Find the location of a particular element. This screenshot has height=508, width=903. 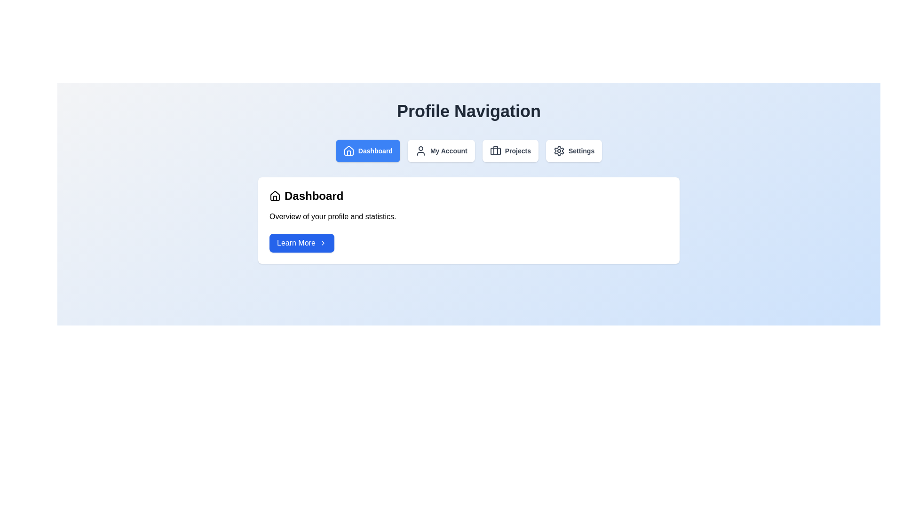

the gear icon representing settings functionalities, located within the 'Settings' button in the navigation bar is located at coordinates (559, 150).